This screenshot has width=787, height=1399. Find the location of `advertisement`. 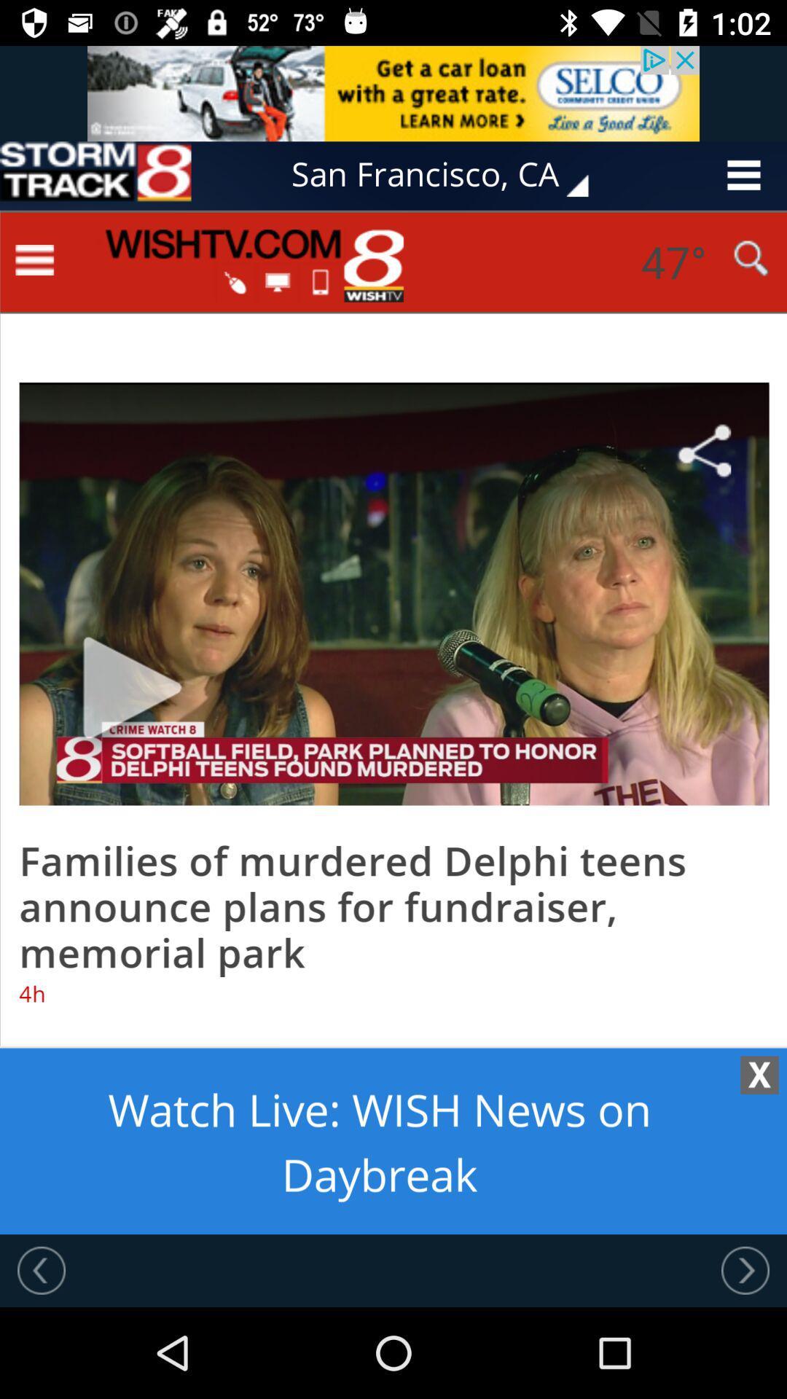

advertisement is located at coordinates (393, 93).